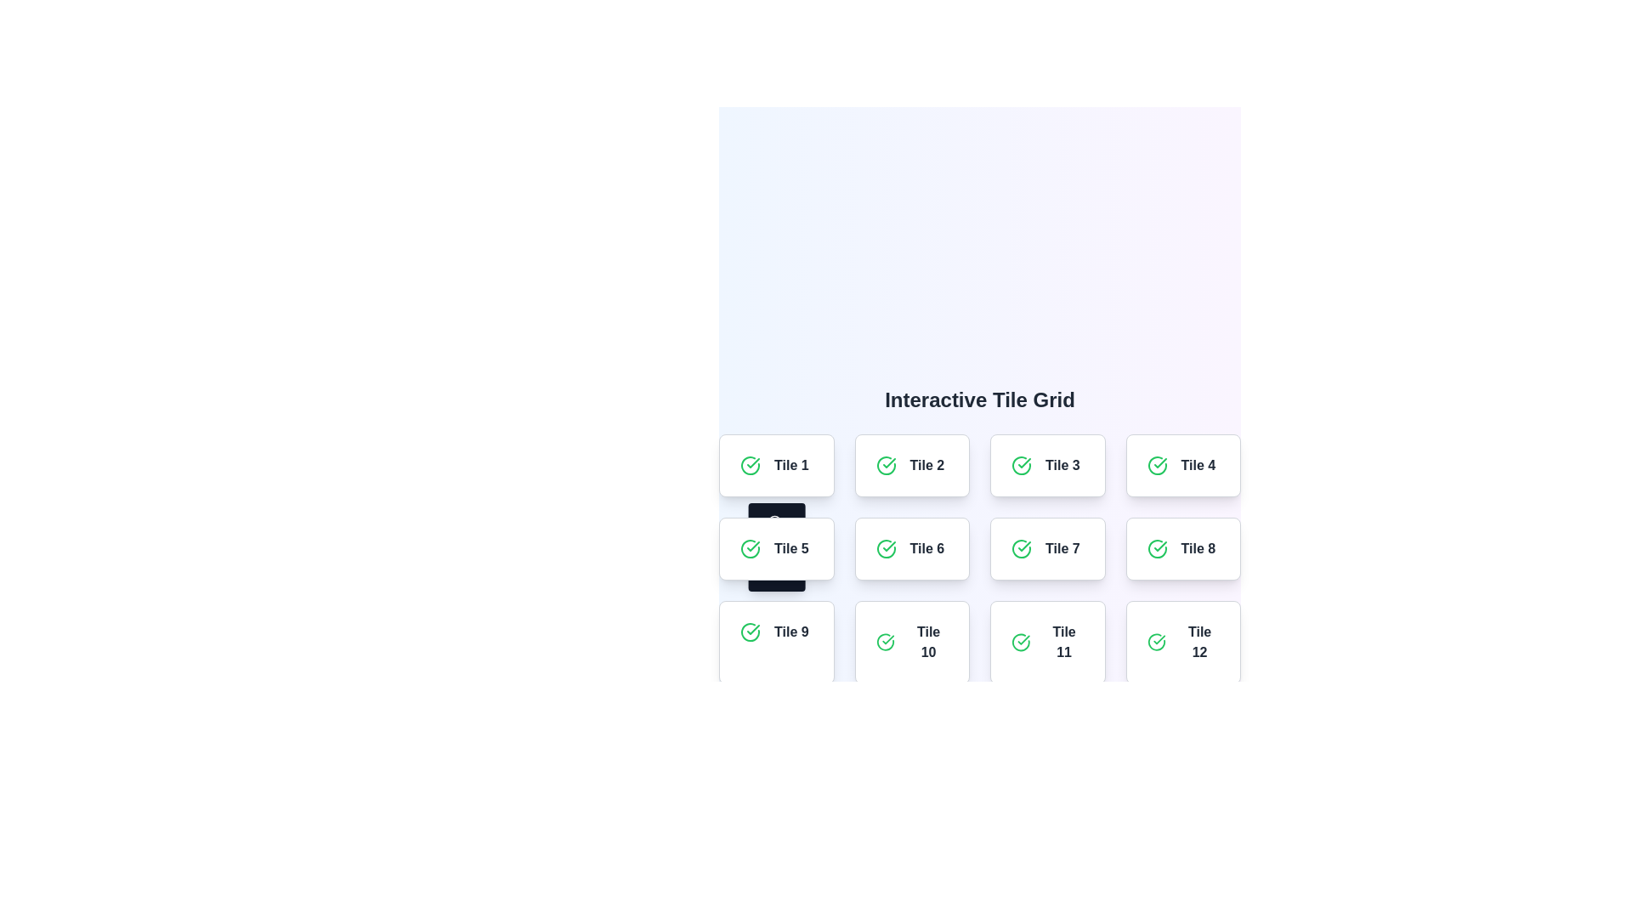 This screenshot has width=1632, height=918. What do you see at coordinates (1062, 548) in the screenshot?
I see `the 'Tile 7' text element, which is styled in bold dark gray and located in the second row, third column of a grid layout` at bounding box center [1062, 548].